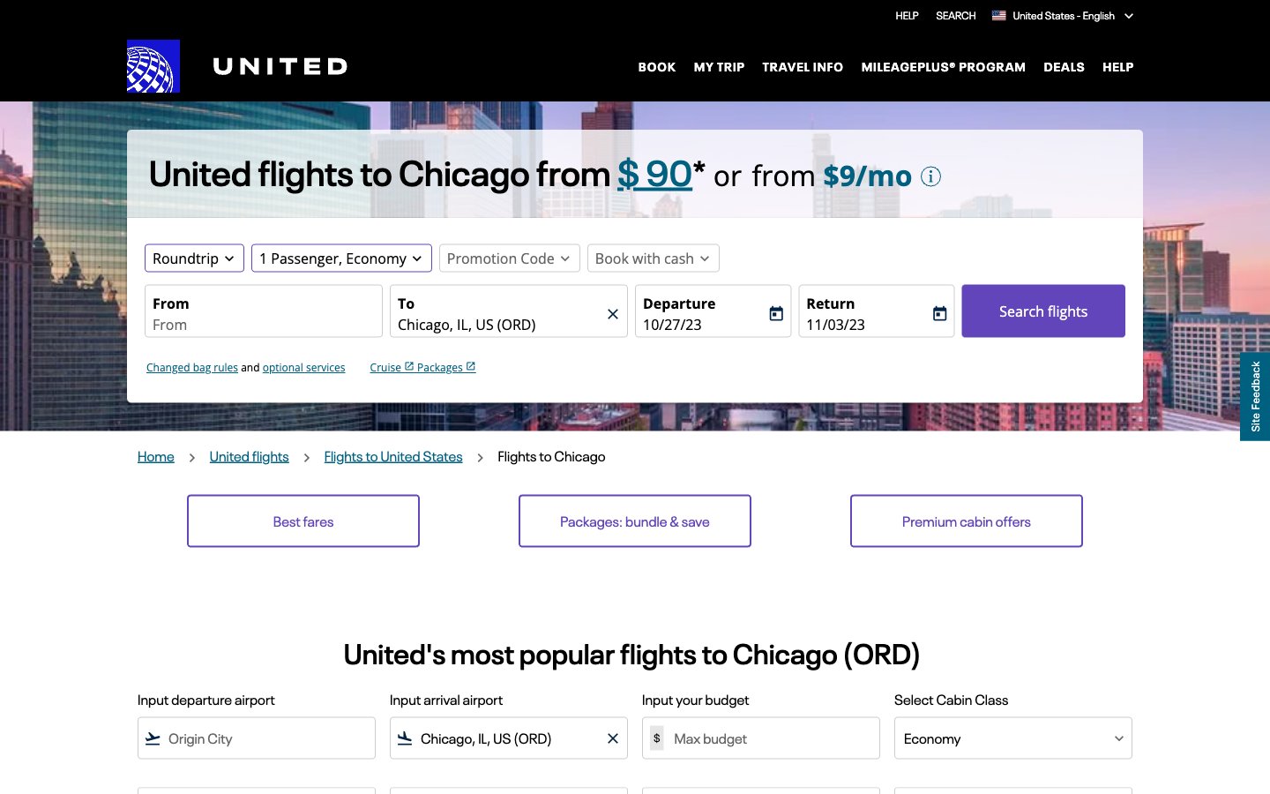 This screenshot has height=794, width=1270. Describe the element at coordinates (704, 325) in the screenshot. I see `Navigate and select the "departure date" and "return date" fields` at that location.